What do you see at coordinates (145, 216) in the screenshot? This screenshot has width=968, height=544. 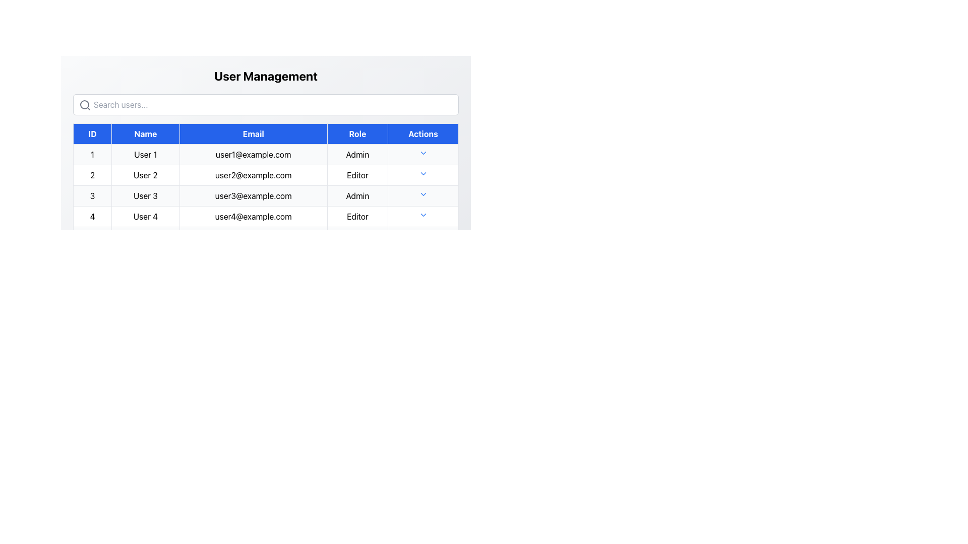 I see `the label representing the name of the fourth user in the user management table, located in the fourth row of the 'Name' column, adjacent to the email cell displaying 'user4@example.com'` at bounding box center [145, 216].